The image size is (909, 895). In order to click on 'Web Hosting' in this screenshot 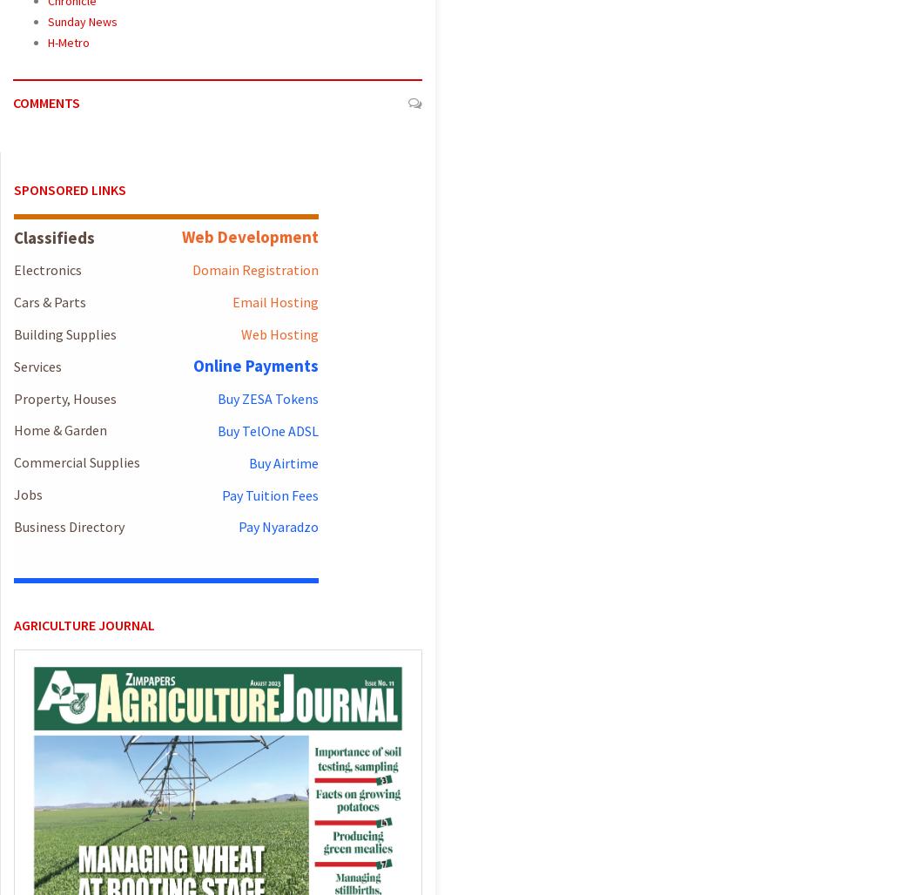, I will do `click(279, 333)`.